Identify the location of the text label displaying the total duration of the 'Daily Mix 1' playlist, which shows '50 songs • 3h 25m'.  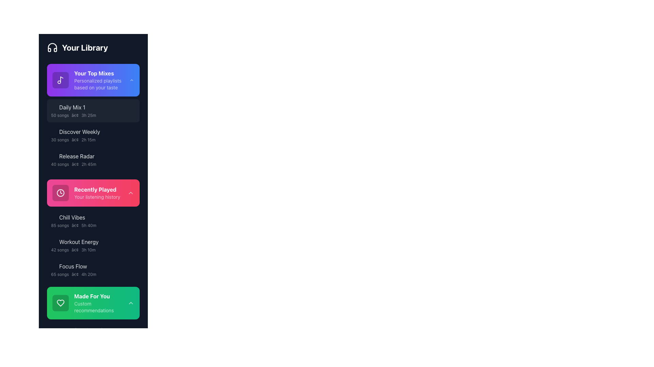
(88, 115).